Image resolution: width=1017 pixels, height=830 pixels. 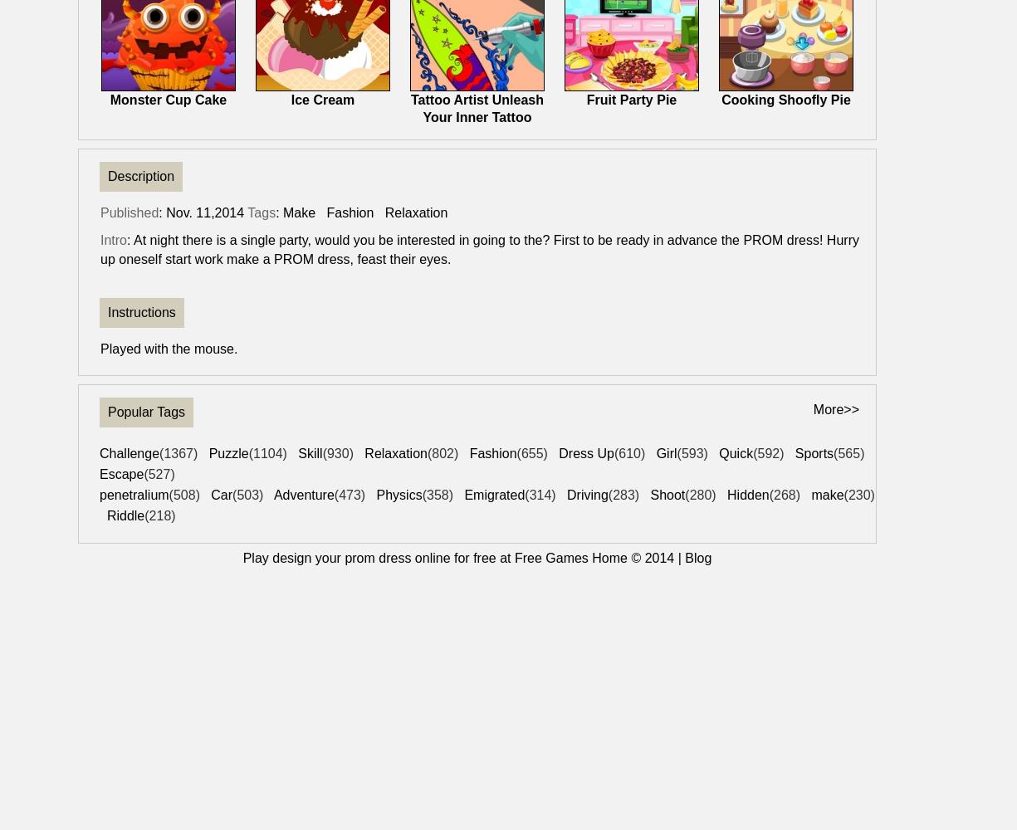 I want to click on 'Escape', so click(x=99, y=473).